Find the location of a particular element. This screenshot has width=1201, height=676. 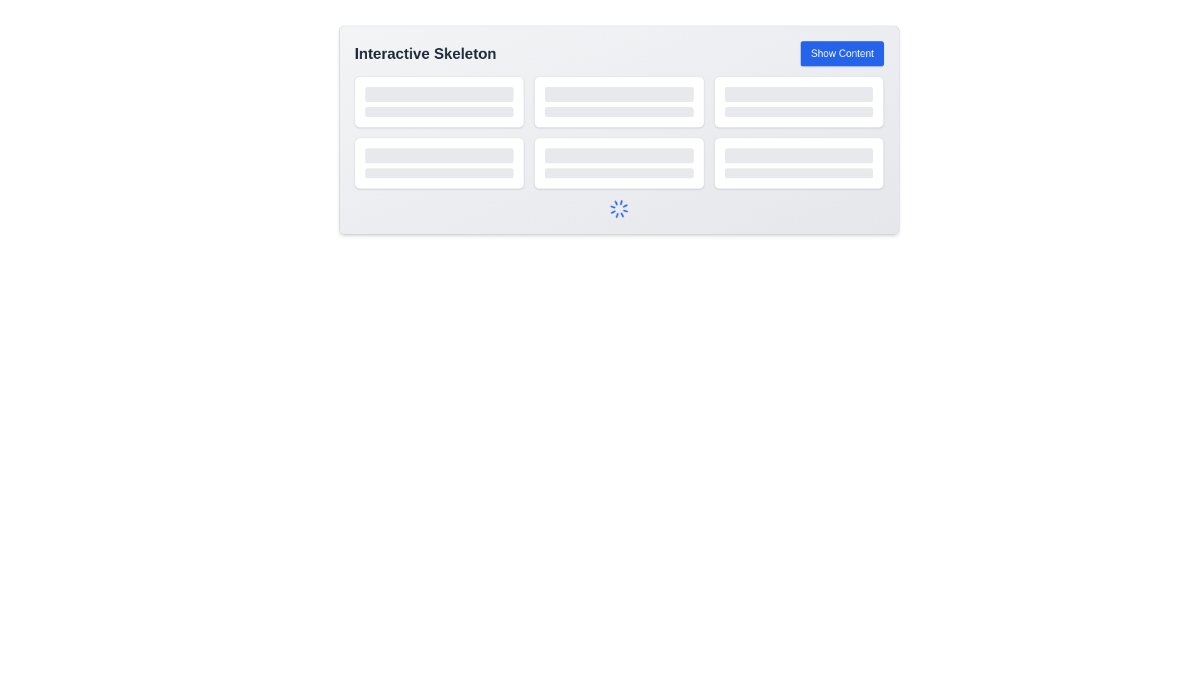

the first horizontal rectangular bar with a gray background and rounded edges, located in the bottom-right corner of the grouped rectangular boxes is located at coordinates (798, 155).